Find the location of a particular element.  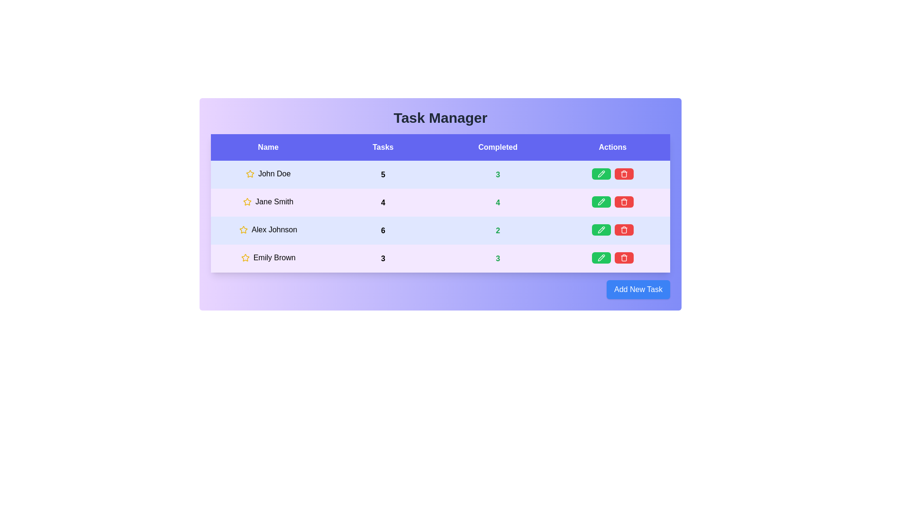

the text in the Tasks column for copying is located at coordinates (382, 147).